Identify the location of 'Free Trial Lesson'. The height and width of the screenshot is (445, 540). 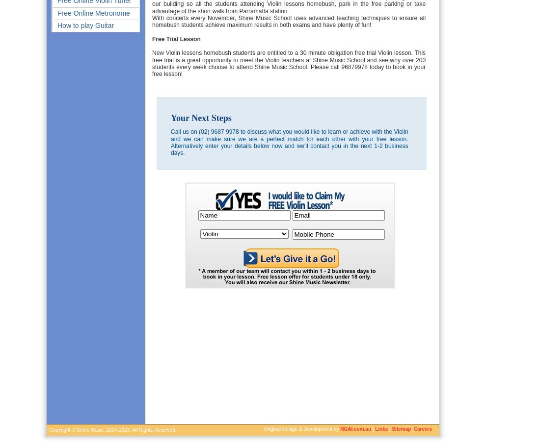
(176, 38).